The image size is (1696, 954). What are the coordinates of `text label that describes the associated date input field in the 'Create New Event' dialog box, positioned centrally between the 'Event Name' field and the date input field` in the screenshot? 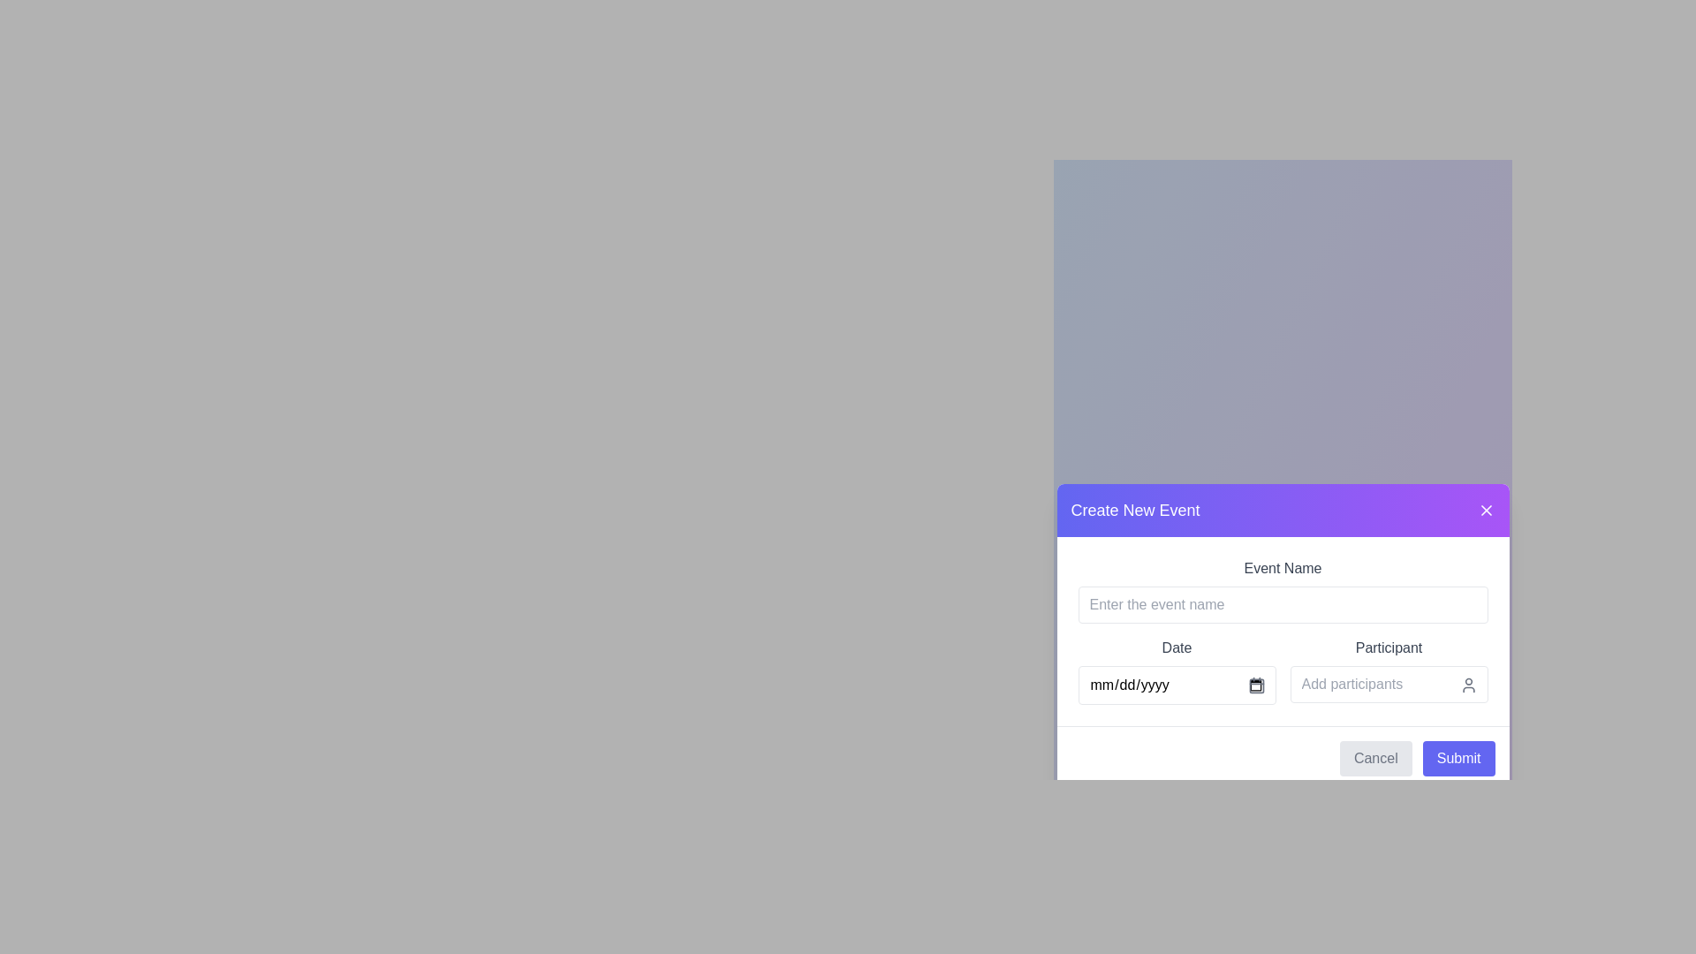 It's located at (1177, 647).